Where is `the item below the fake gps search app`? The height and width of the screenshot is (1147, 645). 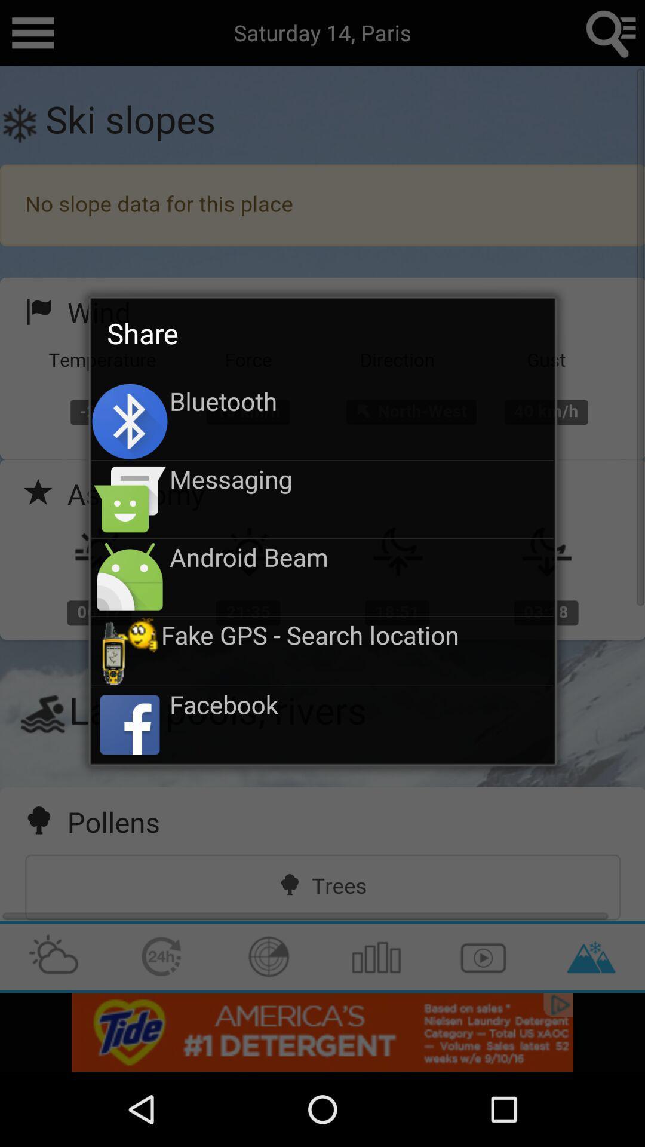
the item below the fake gps search app is located at coordinates (361, 704).